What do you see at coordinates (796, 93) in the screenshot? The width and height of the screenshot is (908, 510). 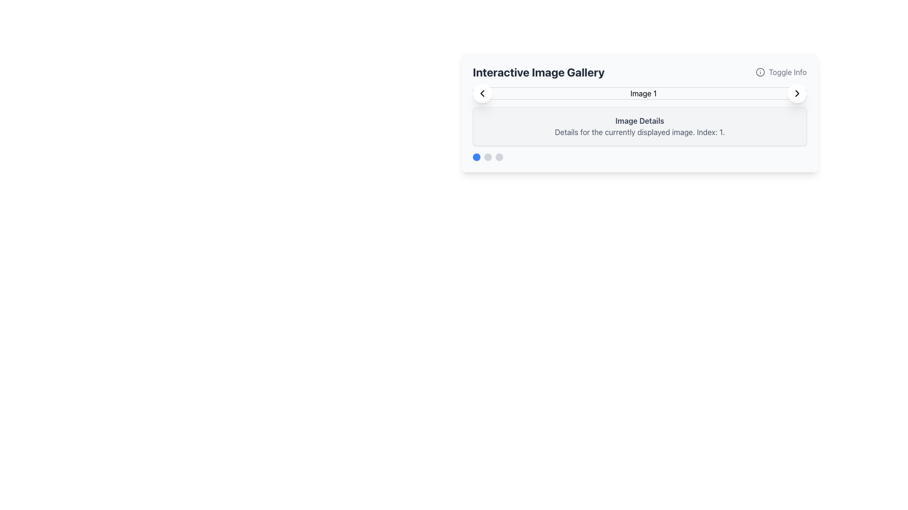 I see `the right-facing chevron arrow icon button located at the far right end of the image gallery control bar to observe any hover effects` at bounding box center [796, 93].